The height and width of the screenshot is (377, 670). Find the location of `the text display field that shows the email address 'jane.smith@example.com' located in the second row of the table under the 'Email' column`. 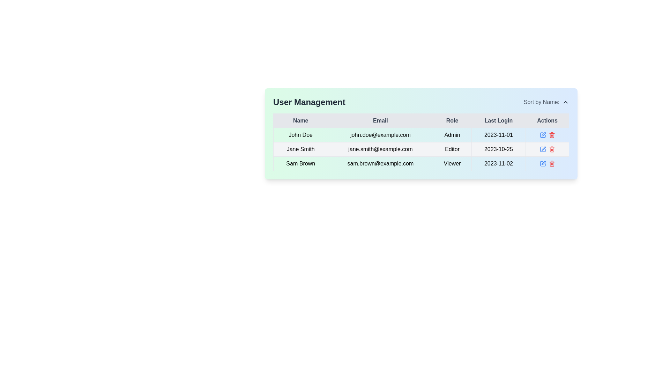

the text display field that shows the email address 'jane.smith@example.com' located in the second row of the table under the 'Email' column is located at coordinates (380, 149).